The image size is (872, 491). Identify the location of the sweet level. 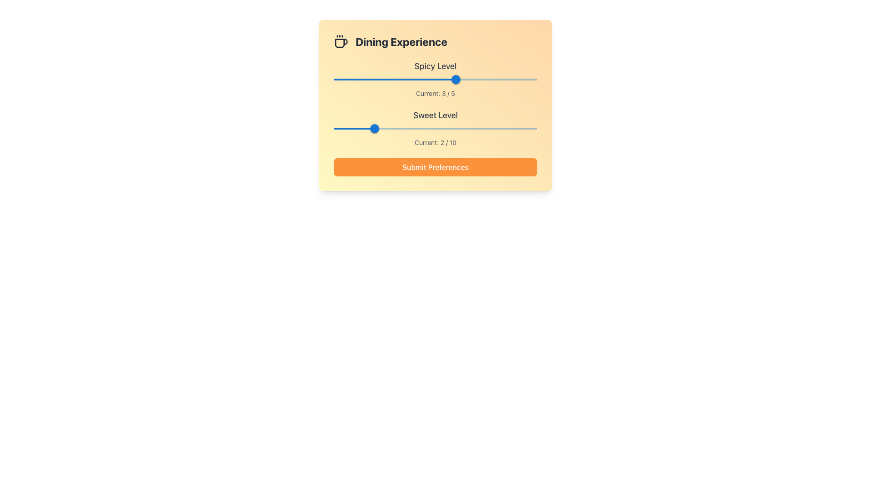
(353, 128).